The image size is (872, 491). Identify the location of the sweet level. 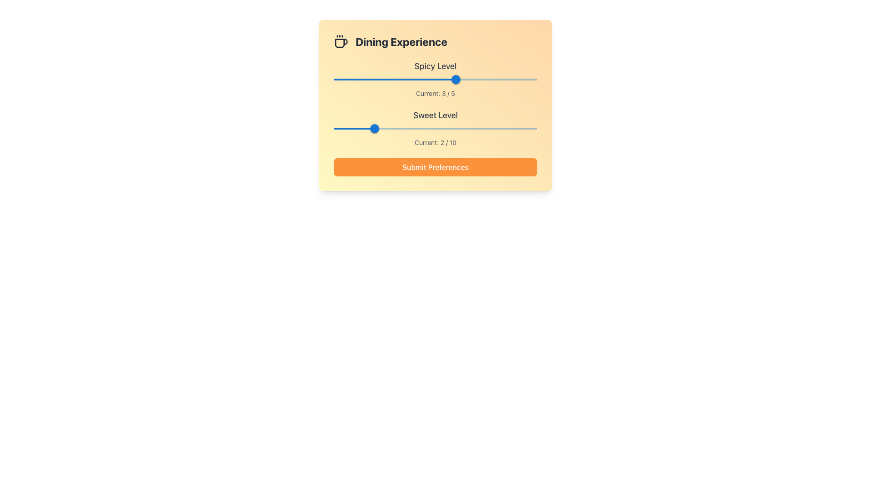
(353, 128).